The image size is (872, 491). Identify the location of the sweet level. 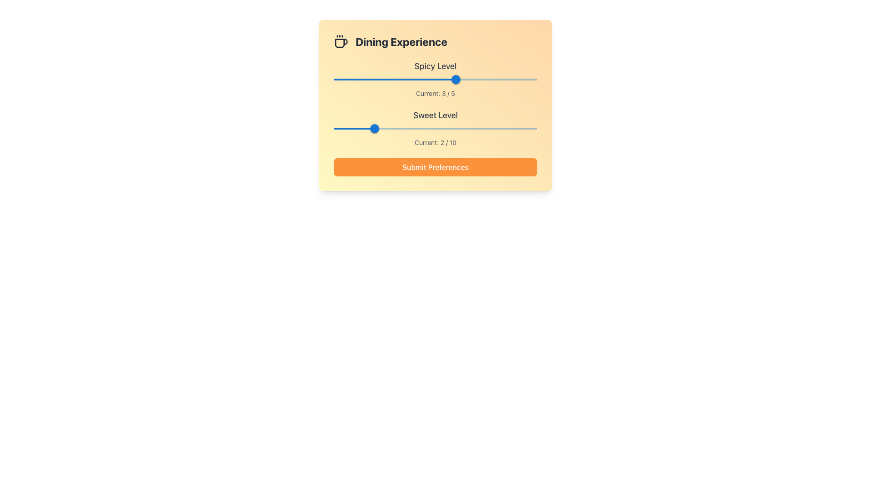
(353, 128).